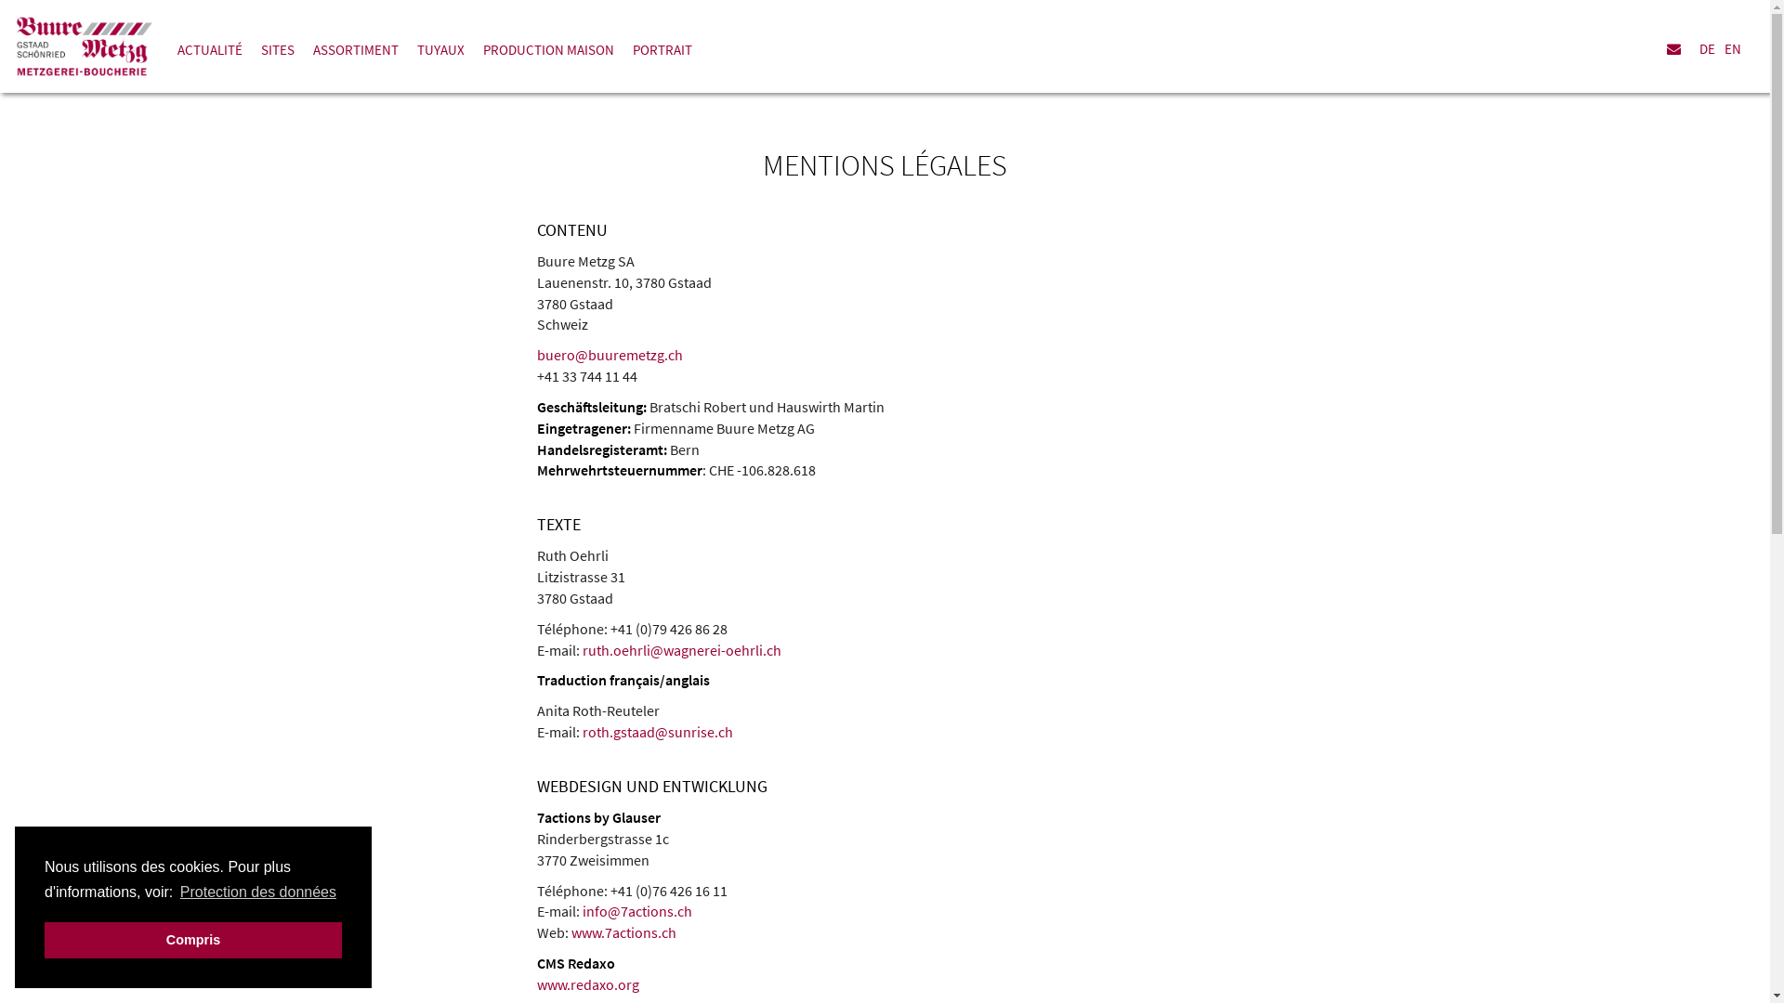  What do you see at coordinates (656, 730) in the screenshot?
I see `'roth.gstaad@sunrise.ch'` at bounding box center [656, 730].